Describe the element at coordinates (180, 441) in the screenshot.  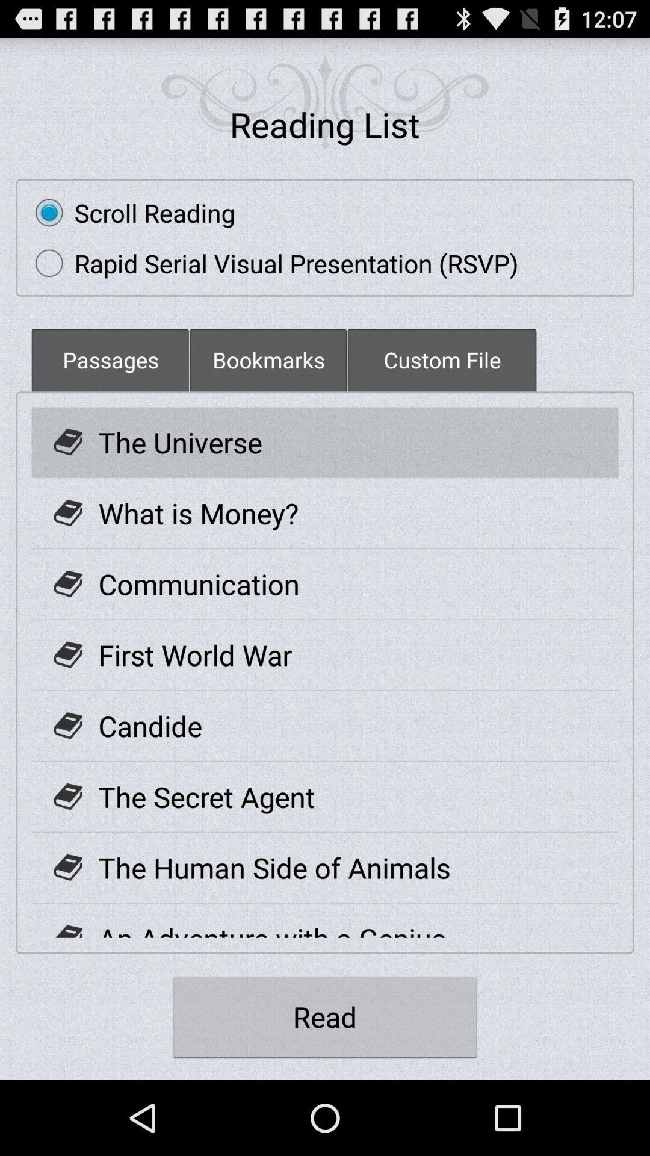
I see `the universe icon` at that location.